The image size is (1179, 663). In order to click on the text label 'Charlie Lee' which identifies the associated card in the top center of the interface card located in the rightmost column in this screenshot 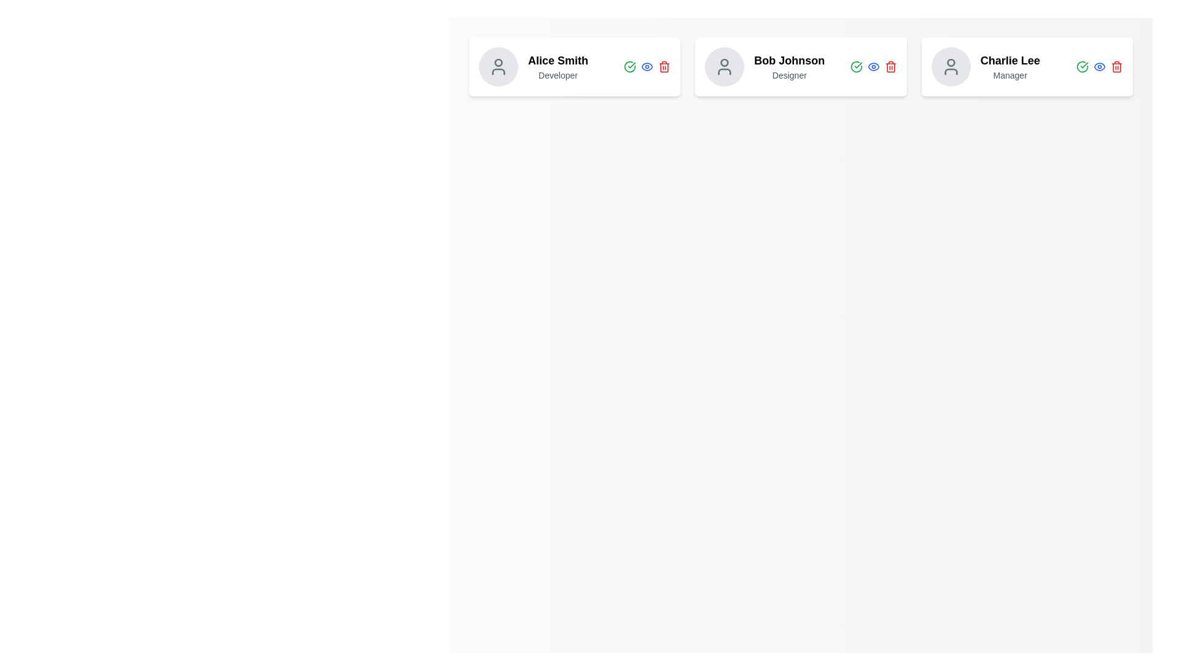, I will do `click(1010, 61)`.